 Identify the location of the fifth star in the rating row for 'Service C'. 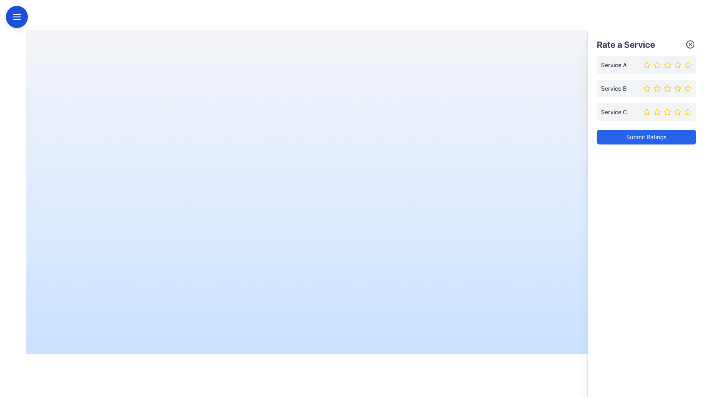
(677, 112).